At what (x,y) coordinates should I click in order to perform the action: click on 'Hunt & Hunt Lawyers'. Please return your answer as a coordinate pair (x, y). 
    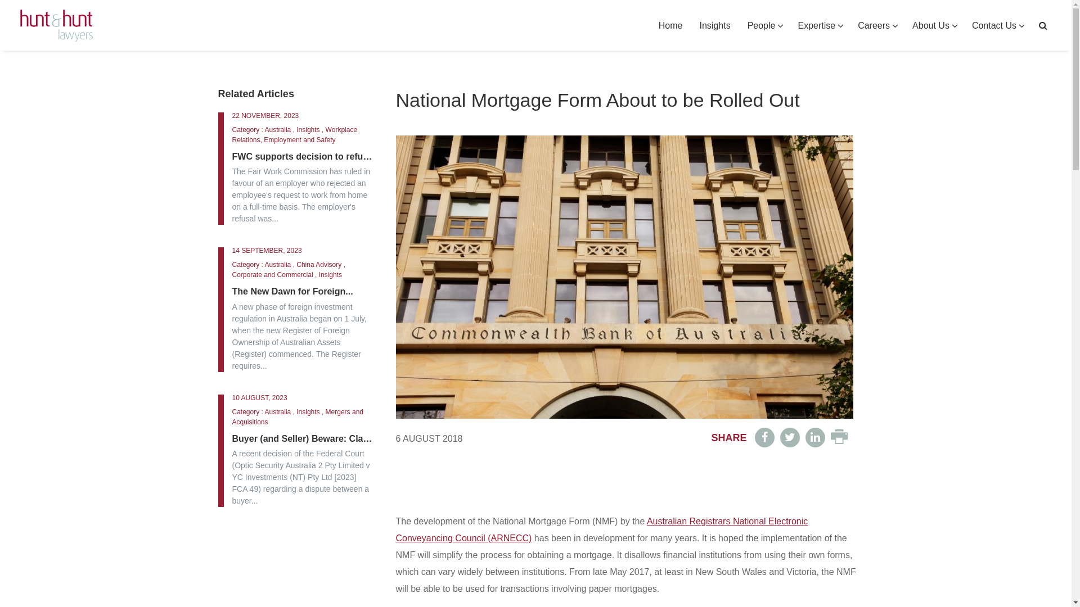
    Looking at the image, I should click on (56, 25).